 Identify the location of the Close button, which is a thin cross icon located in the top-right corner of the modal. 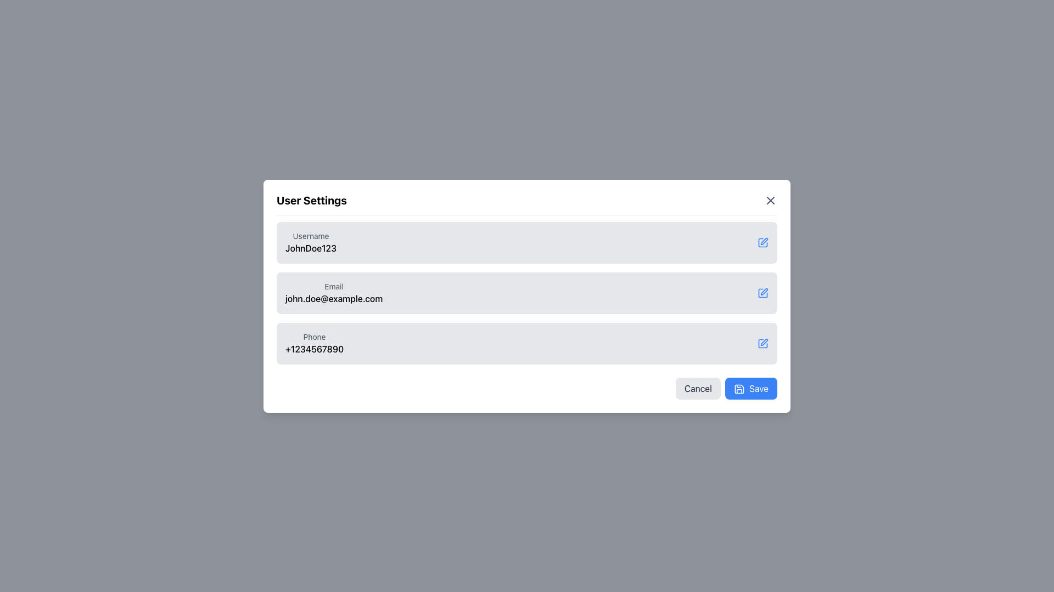
(770, 200).